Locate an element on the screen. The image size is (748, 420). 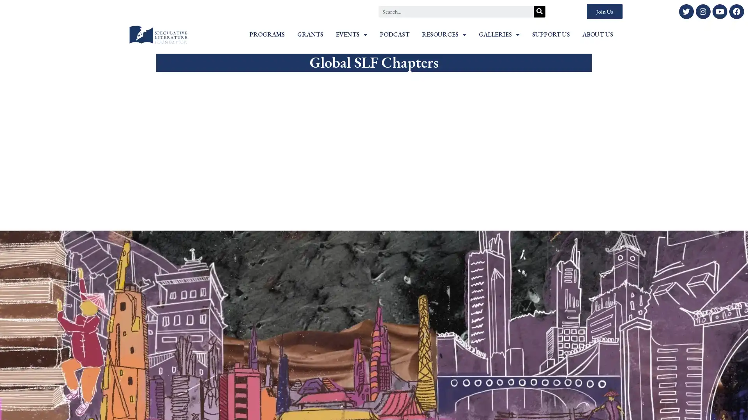
Join Us is located at coordinates (604, 11).